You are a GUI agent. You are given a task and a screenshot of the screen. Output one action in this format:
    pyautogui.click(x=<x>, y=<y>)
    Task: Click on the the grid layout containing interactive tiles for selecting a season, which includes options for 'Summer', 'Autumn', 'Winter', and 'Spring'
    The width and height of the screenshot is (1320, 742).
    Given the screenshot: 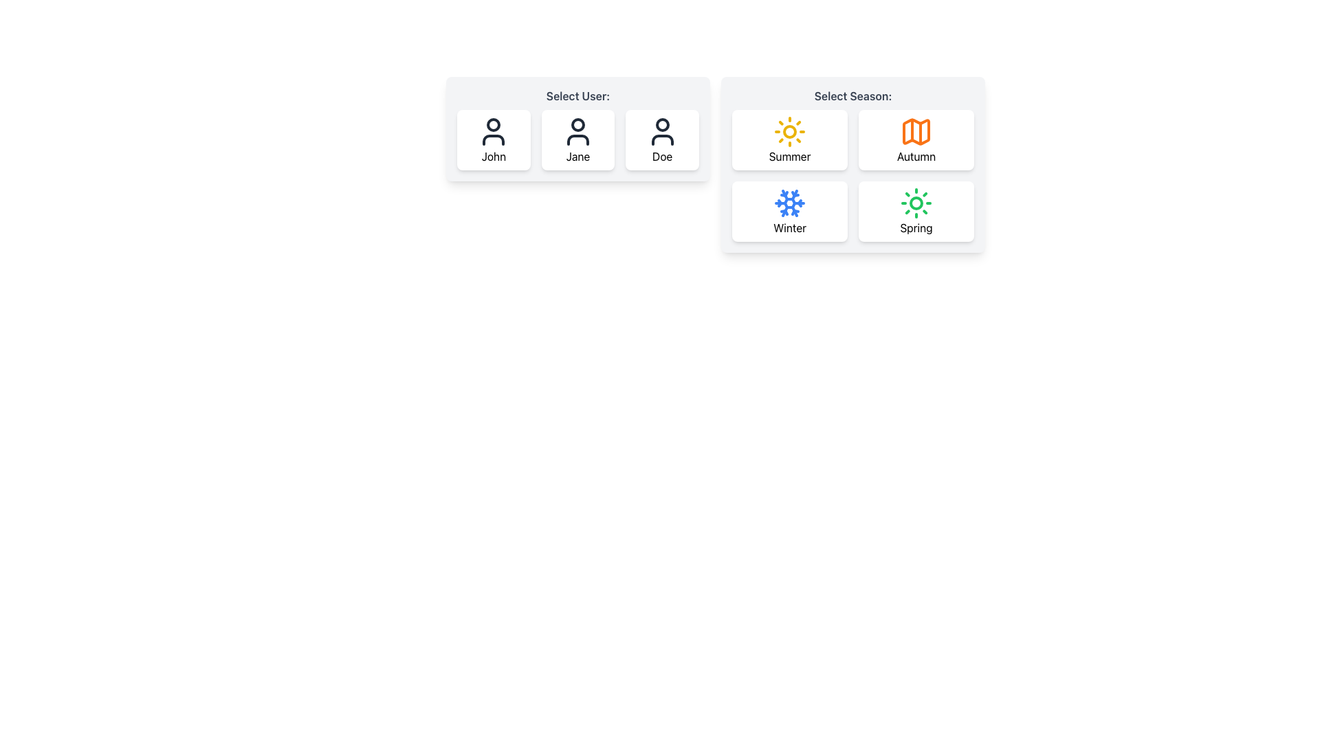 What is the action you would take?
    pyautogui.click(x=852, y=175)
    